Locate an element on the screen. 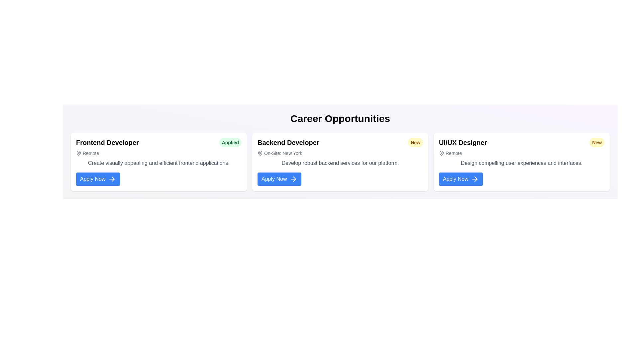  the red map pin icon located beside the 'Remote' label in the 'Frontend Developer' job card is located at coordinates (78, 153).